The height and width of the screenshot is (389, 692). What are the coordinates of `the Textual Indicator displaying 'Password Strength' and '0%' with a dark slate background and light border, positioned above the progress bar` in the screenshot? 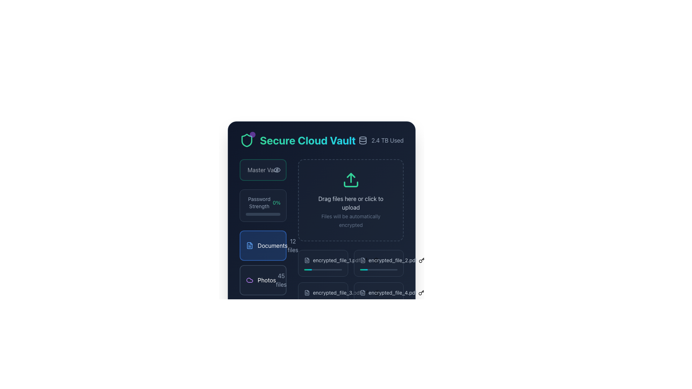 It's located at (263, 203).